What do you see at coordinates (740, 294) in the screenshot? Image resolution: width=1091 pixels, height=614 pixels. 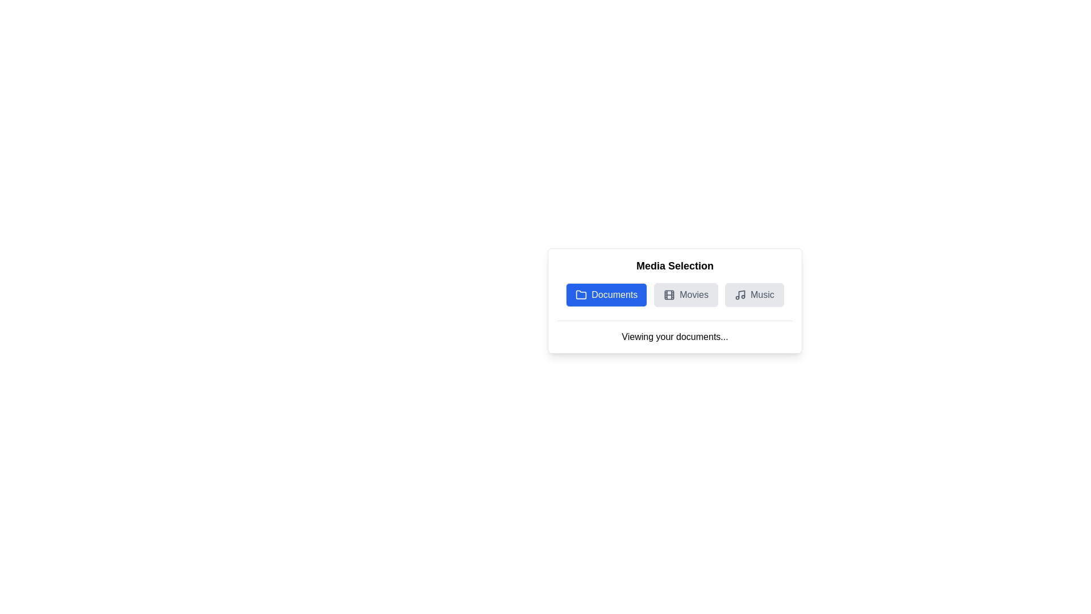 I see `the music icon, which is a dark gray musical note located inside the 'Music' button, the third button in a horizontal group of options` at bounding box center [740, 294].